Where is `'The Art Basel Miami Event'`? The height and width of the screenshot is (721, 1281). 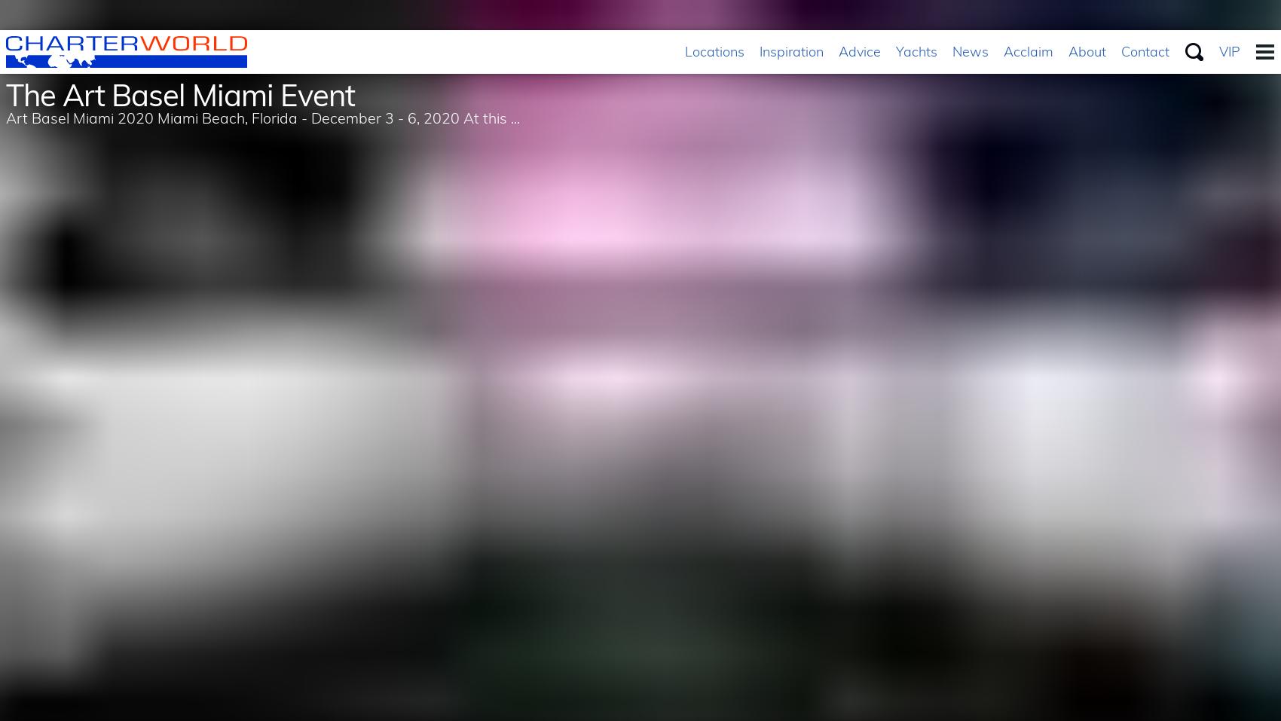
'The Art Basel Miami Event' is located at coordinates (180, 95).